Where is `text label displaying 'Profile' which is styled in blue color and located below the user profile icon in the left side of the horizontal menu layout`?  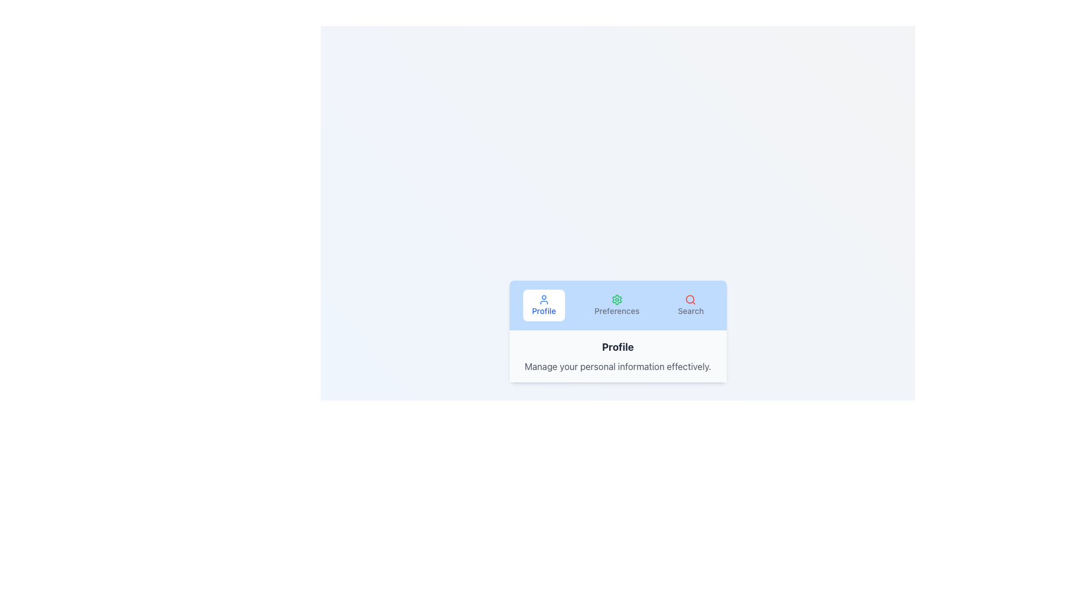 text label displaying 'Profile' which is styled in blue color and located below the user profile icon in the left side of the horizontal menu layout is located at coordinates (544, 311).